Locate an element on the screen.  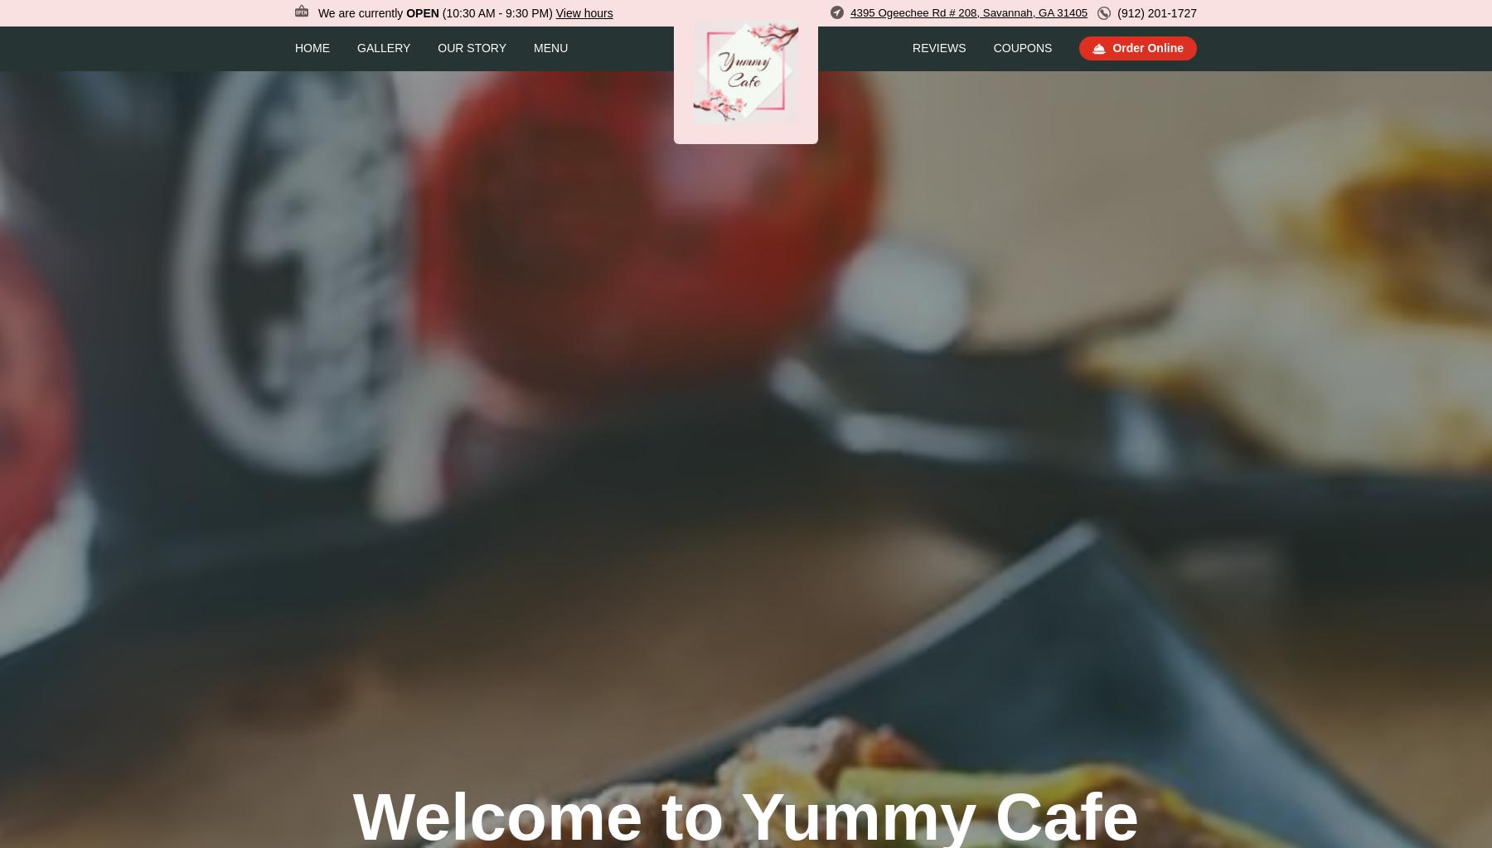
'(' is located at coordinates (443, 12).